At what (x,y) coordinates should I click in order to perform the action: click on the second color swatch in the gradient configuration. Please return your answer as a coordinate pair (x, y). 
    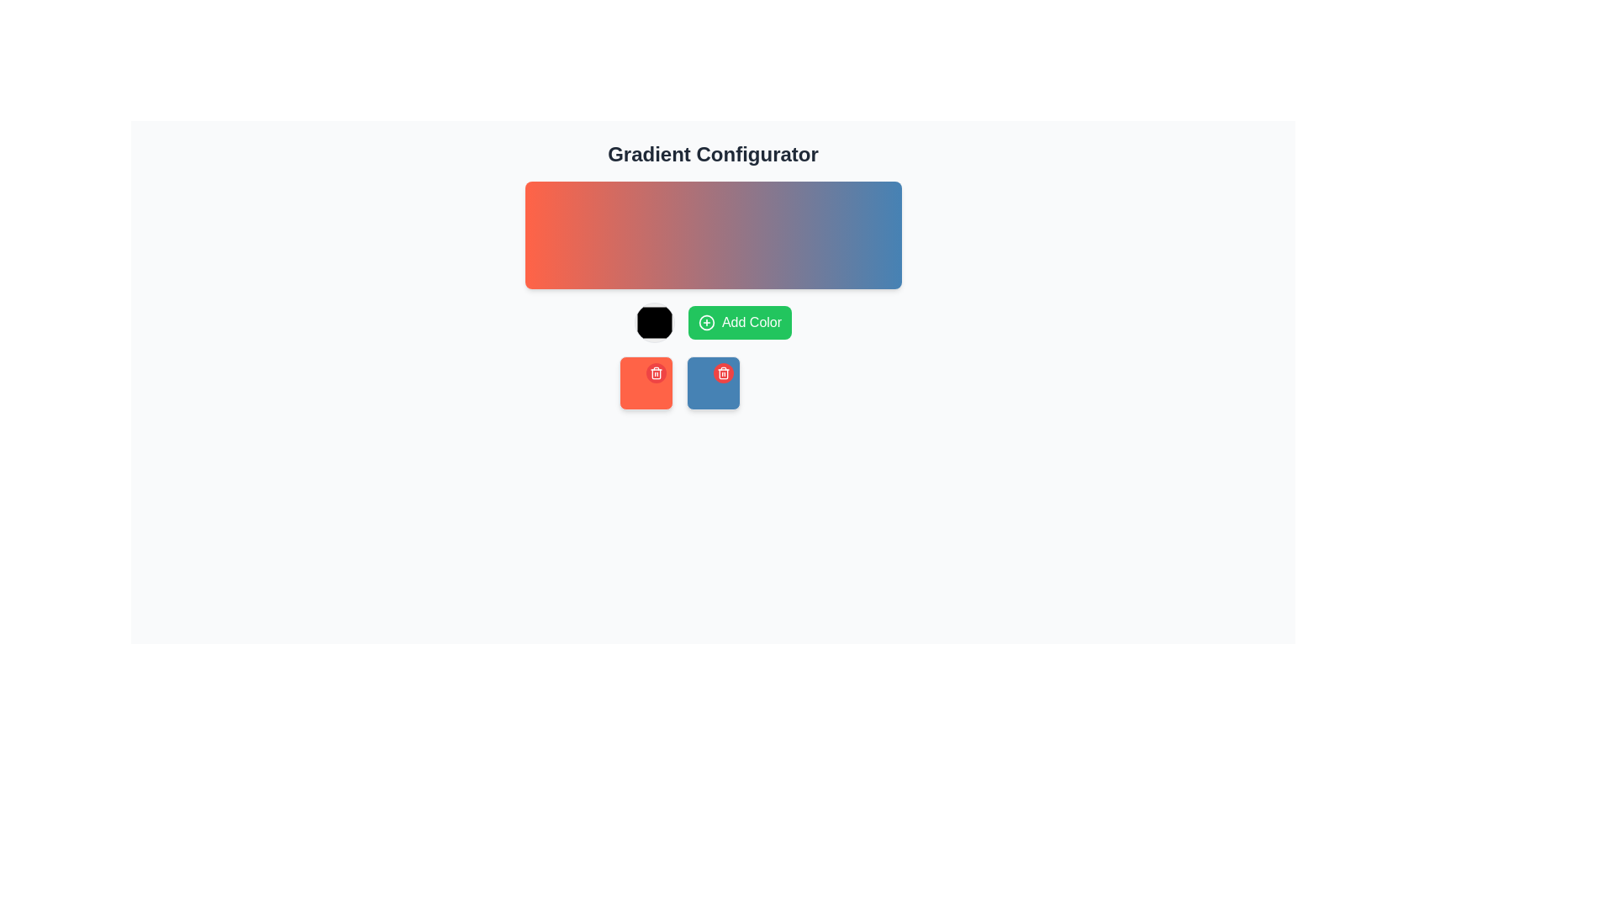
    Looking at the image, I should click on (713, 383).